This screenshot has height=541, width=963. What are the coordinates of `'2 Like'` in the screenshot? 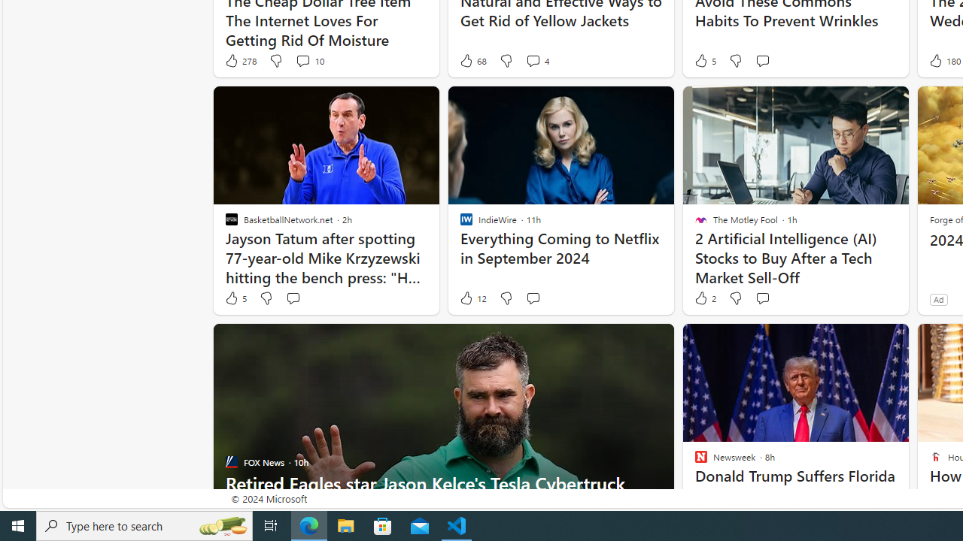 It's located at (703, 298).